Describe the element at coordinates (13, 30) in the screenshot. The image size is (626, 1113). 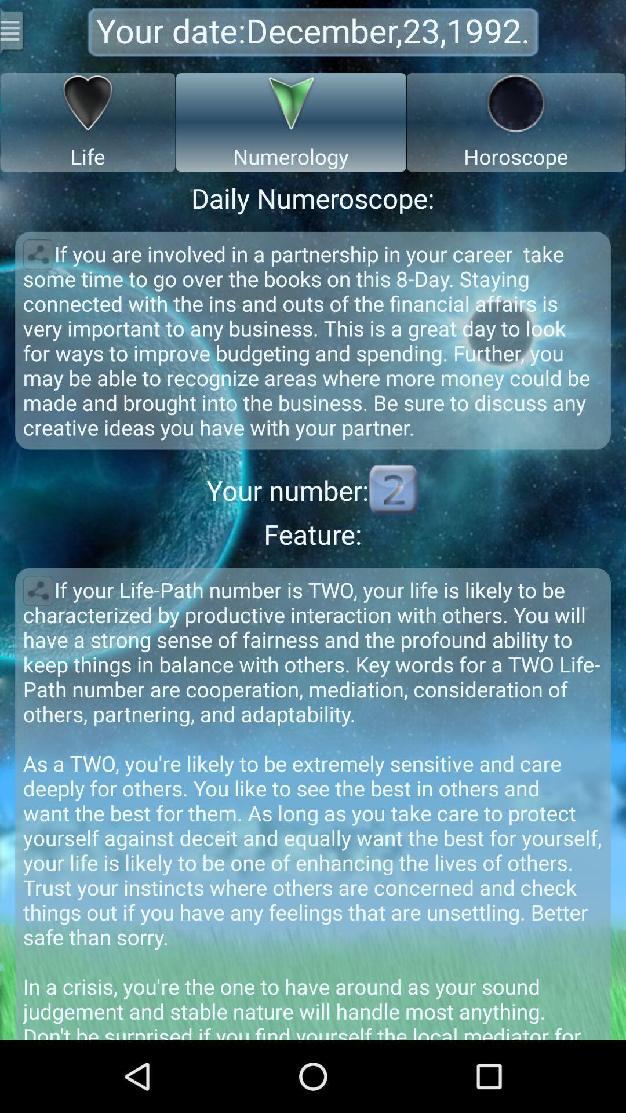
I see `home page` at that location.